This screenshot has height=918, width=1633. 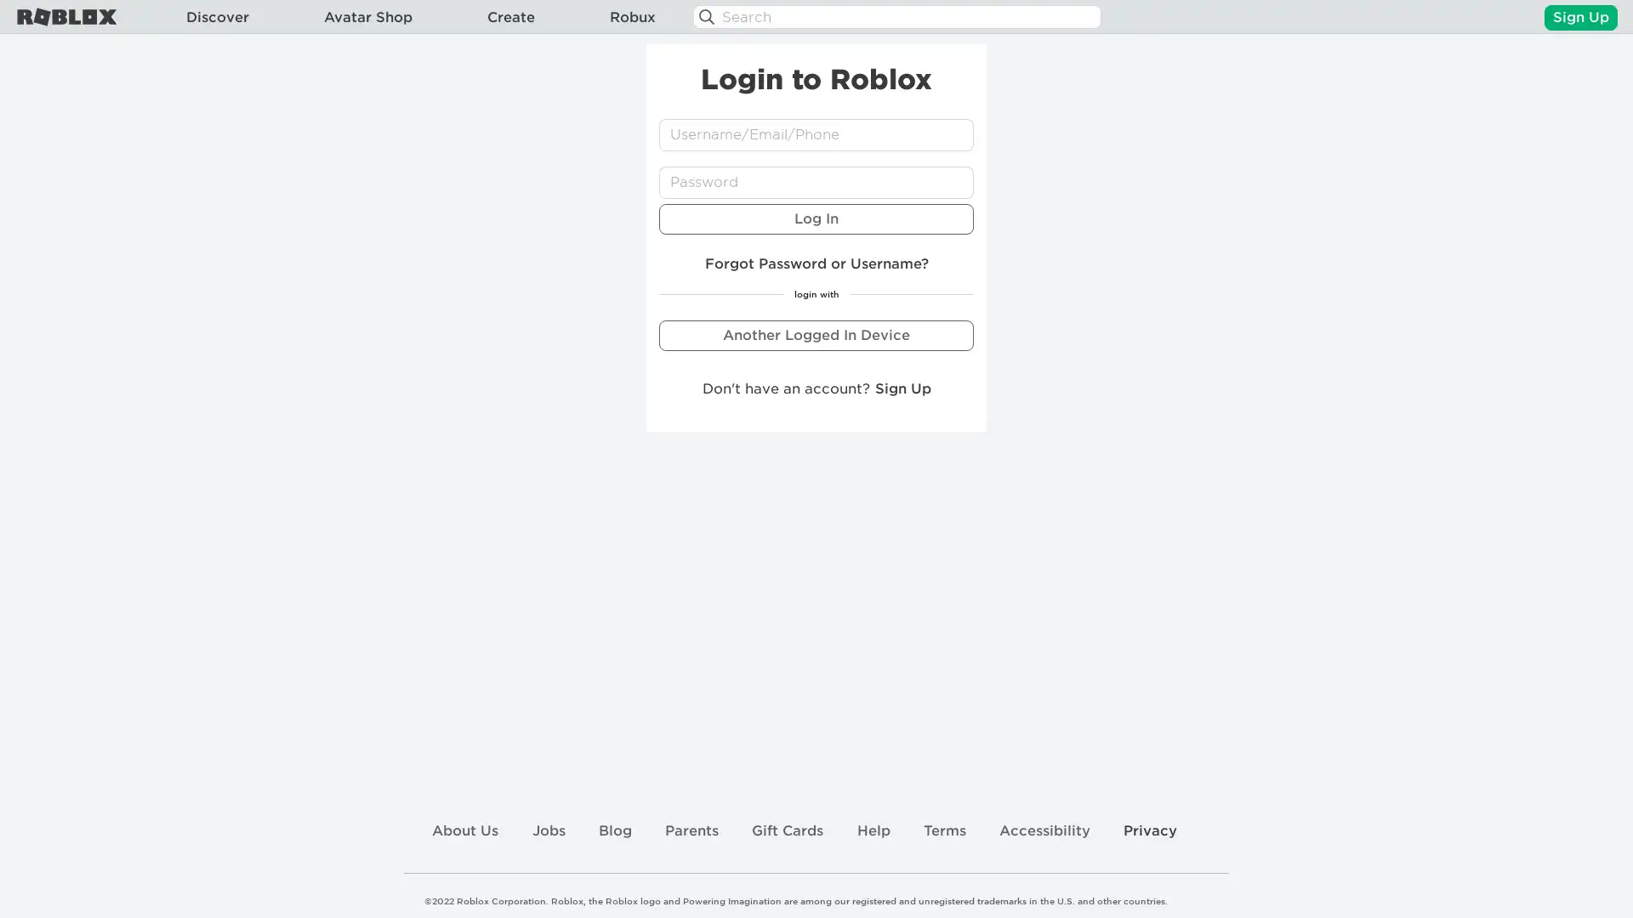 I want to click on Log In, so click(x=816, y=218).